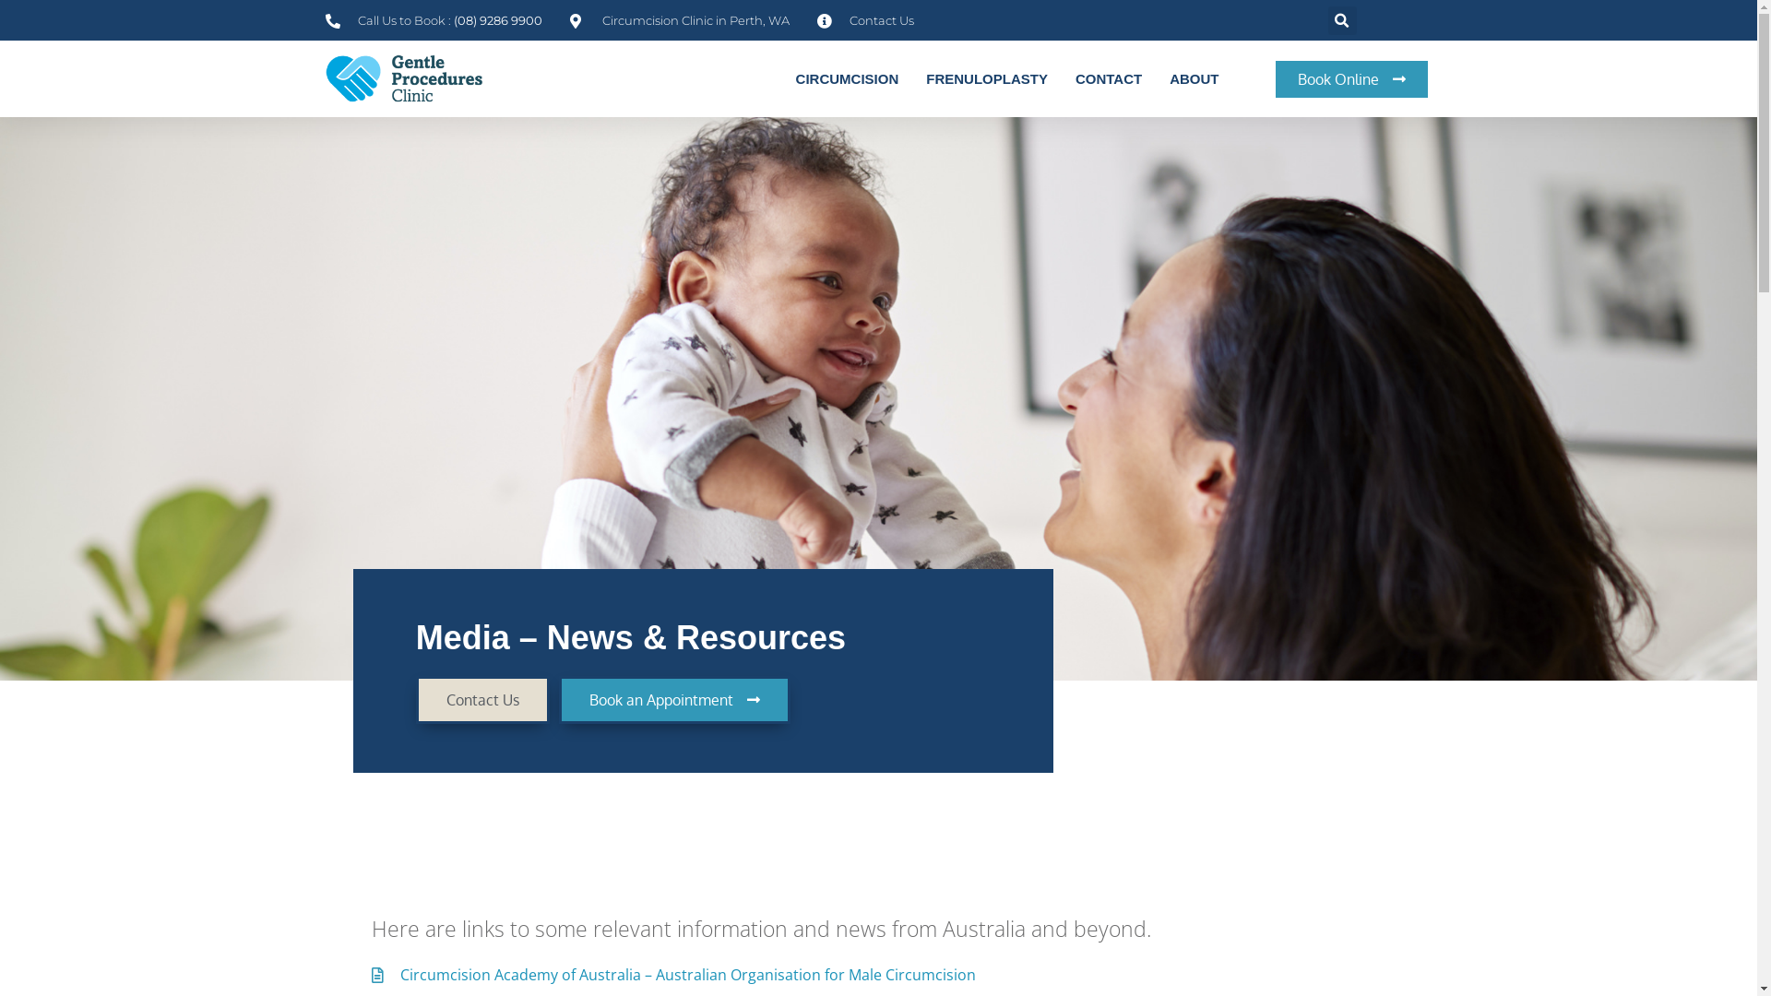 The image size is (1771, 996). Describe the element at coordinates (324, 20) in the screenshot. I see `'Call Us to Book : (08) 9286 9900'` at that location.